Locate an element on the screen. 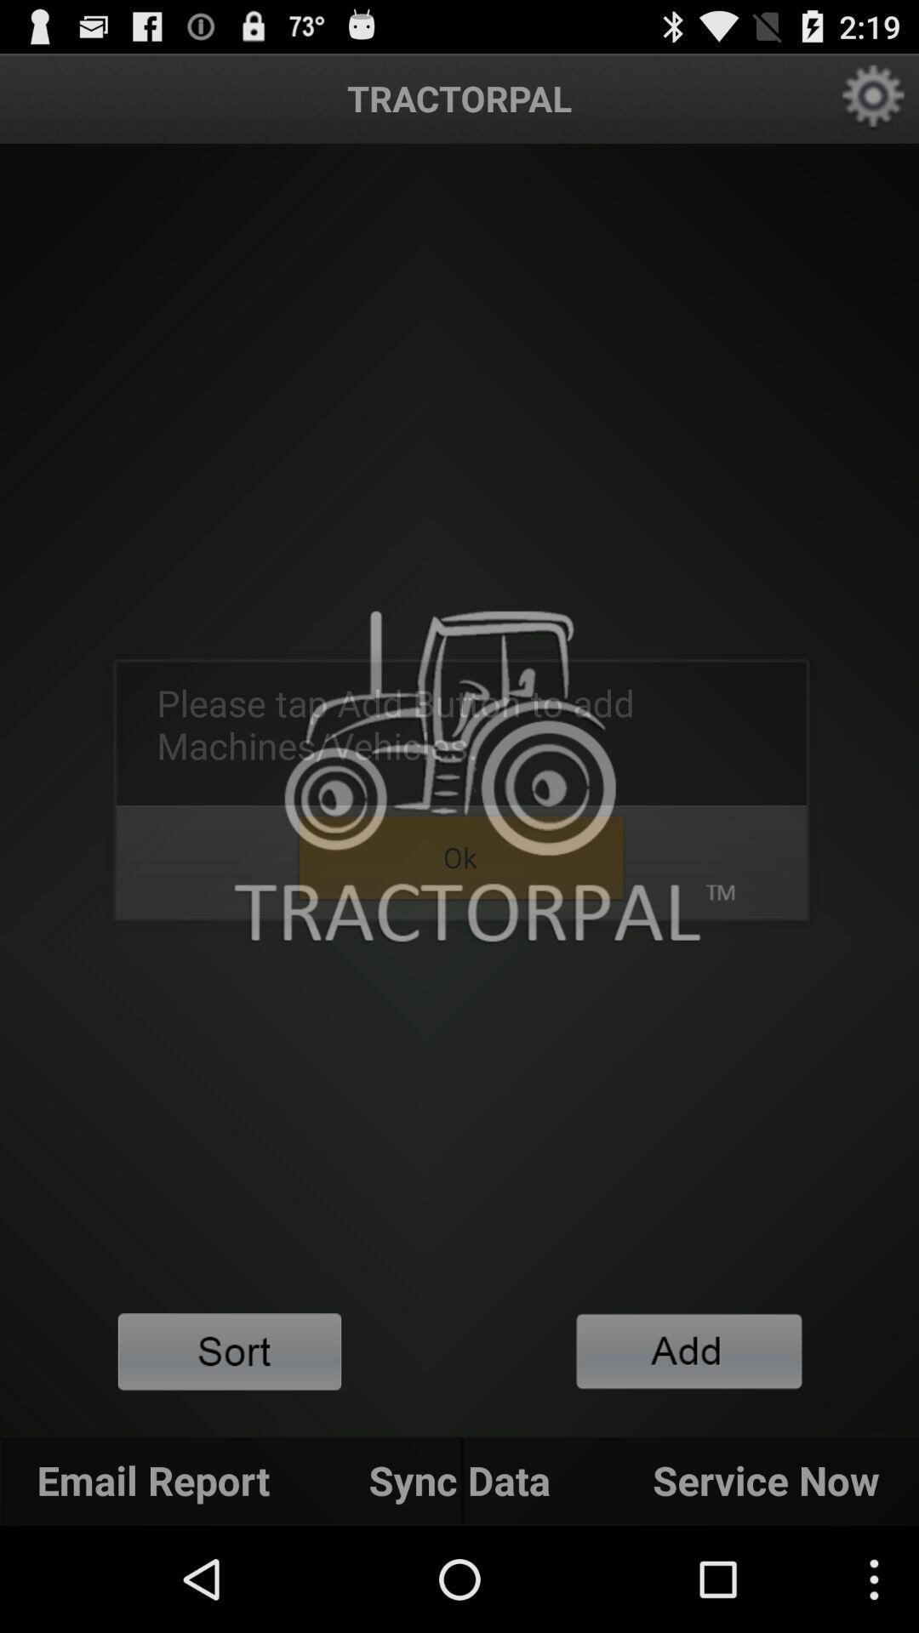 The height and width of the screenshot is (1633, 919). record is located at coordinates (689, 1350).